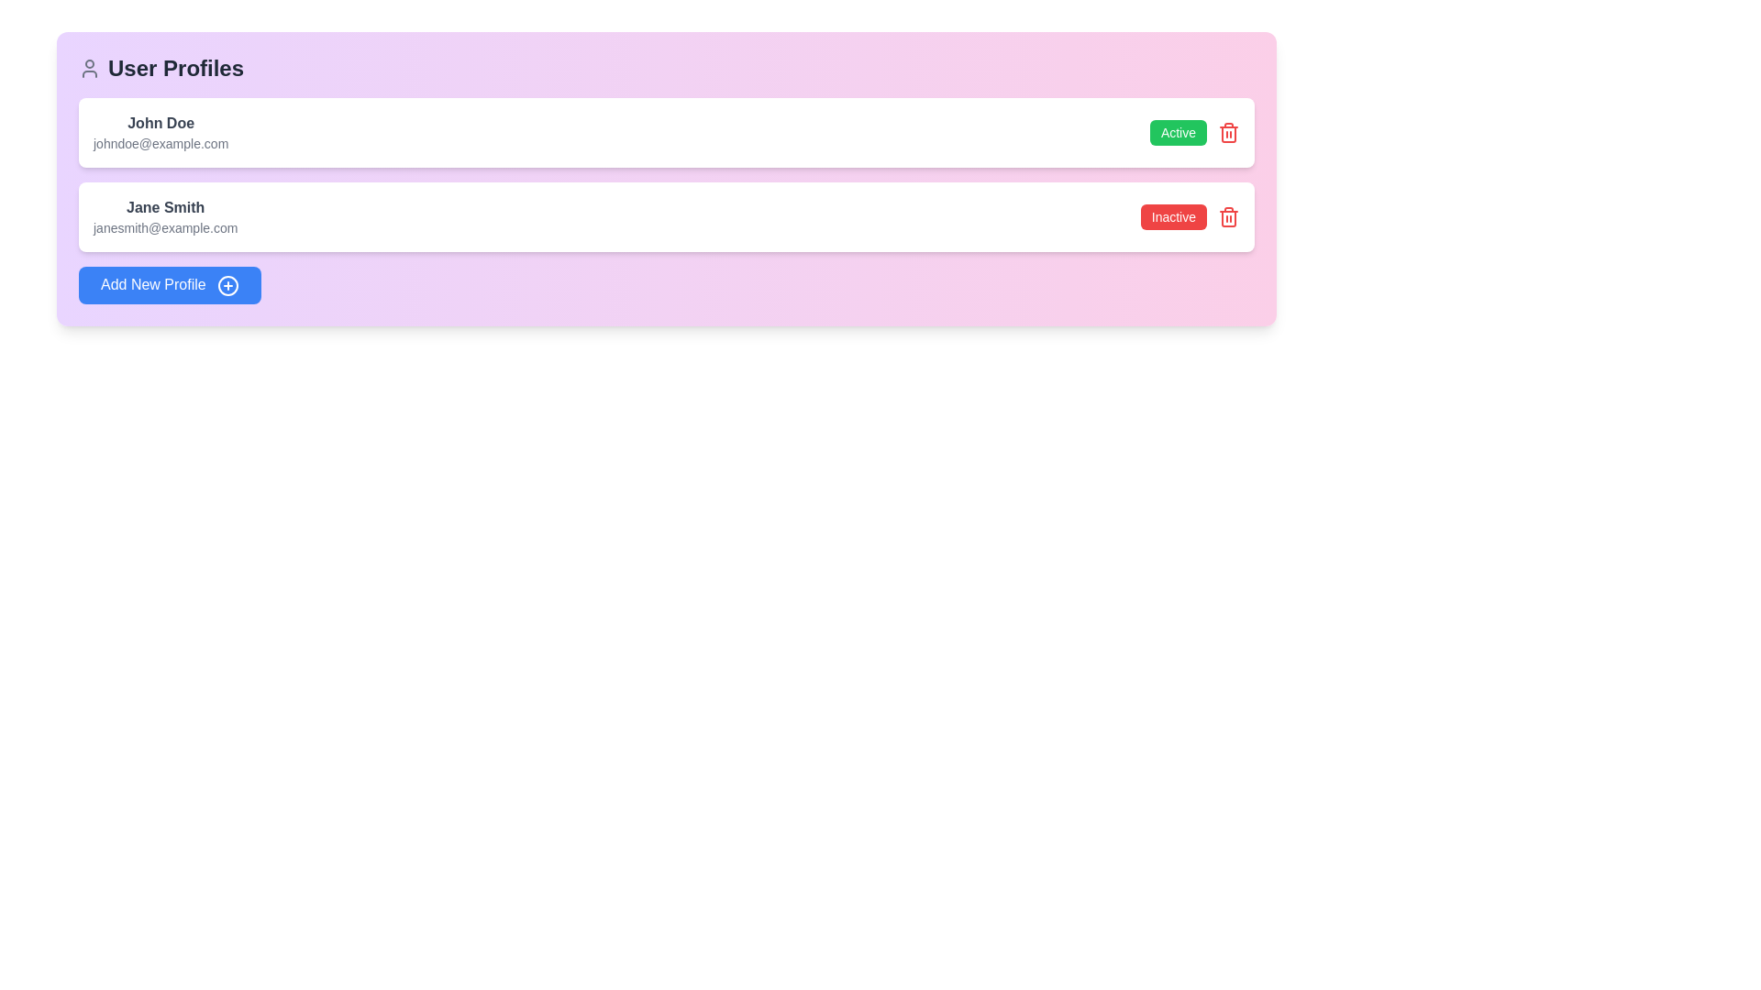 The height and width of the screenshot is (990, 1761). Describe the element at coordinates (1228, 215) in the screenshot. I see `the red trash bin icon located to the right of the 'Inactive' label for potential additional visual feedback` at that location.